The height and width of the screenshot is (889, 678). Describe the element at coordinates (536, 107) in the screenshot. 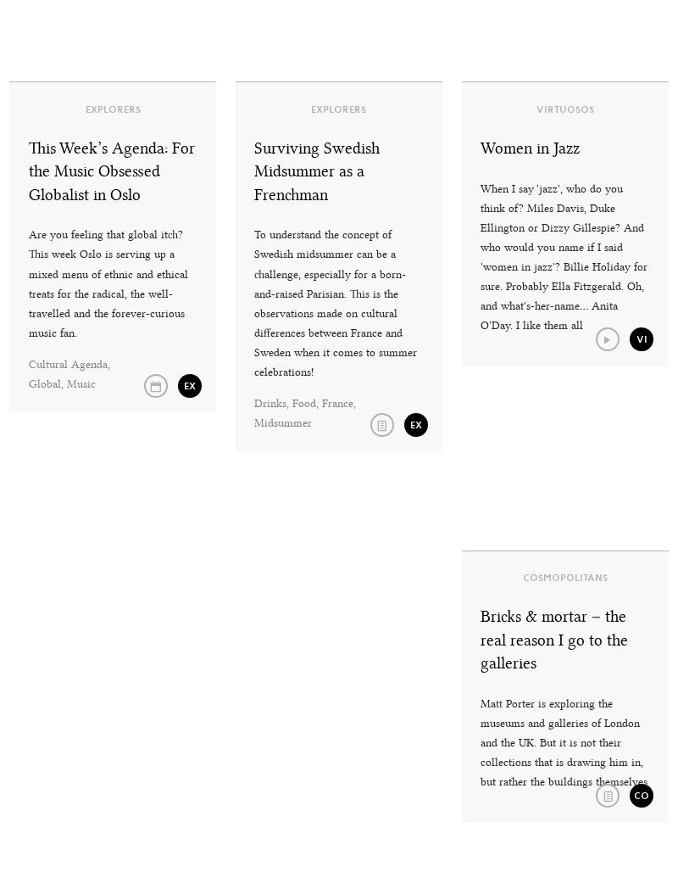

I see `'Virtuosos'` at that location.